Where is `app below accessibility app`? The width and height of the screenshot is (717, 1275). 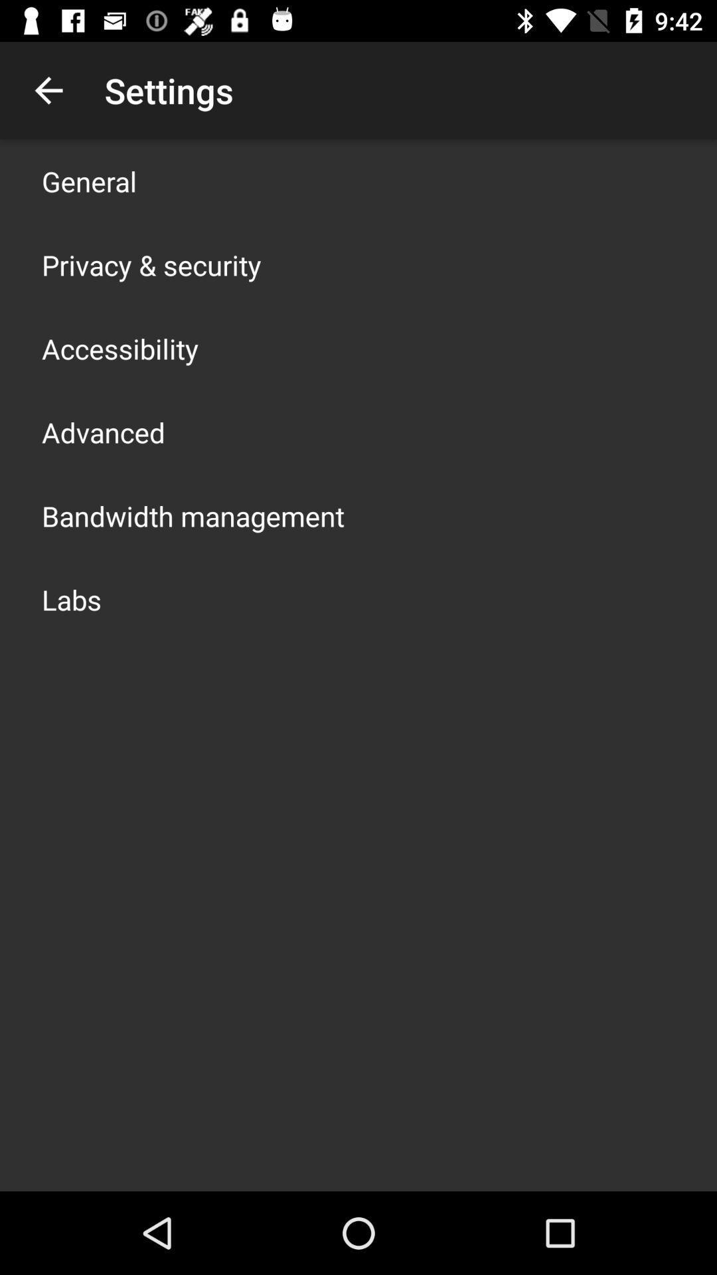 app below accessibility app is located at coordinates (102, 432).